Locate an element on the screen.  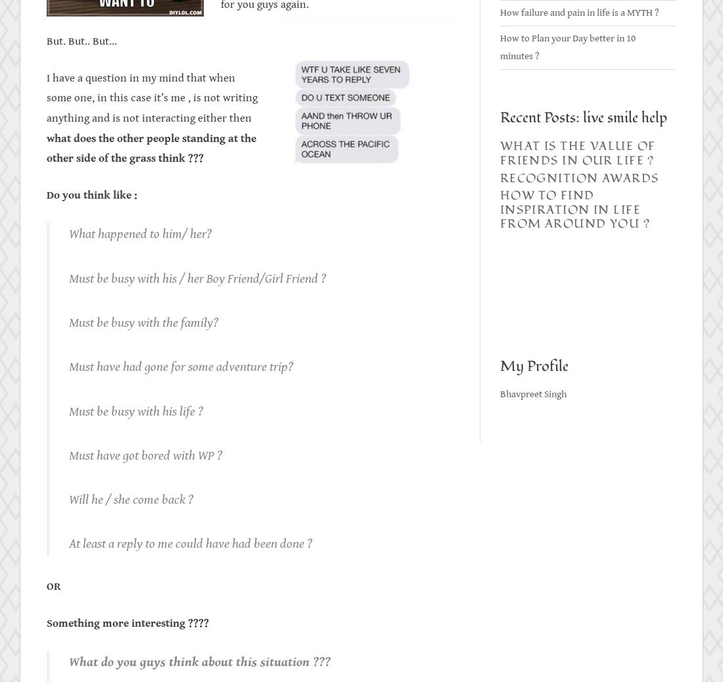
'I have a question in my mind that when some one, in this case it’s me , is not writing anything and is not interacting either then' is located at coordinates (46, 97).